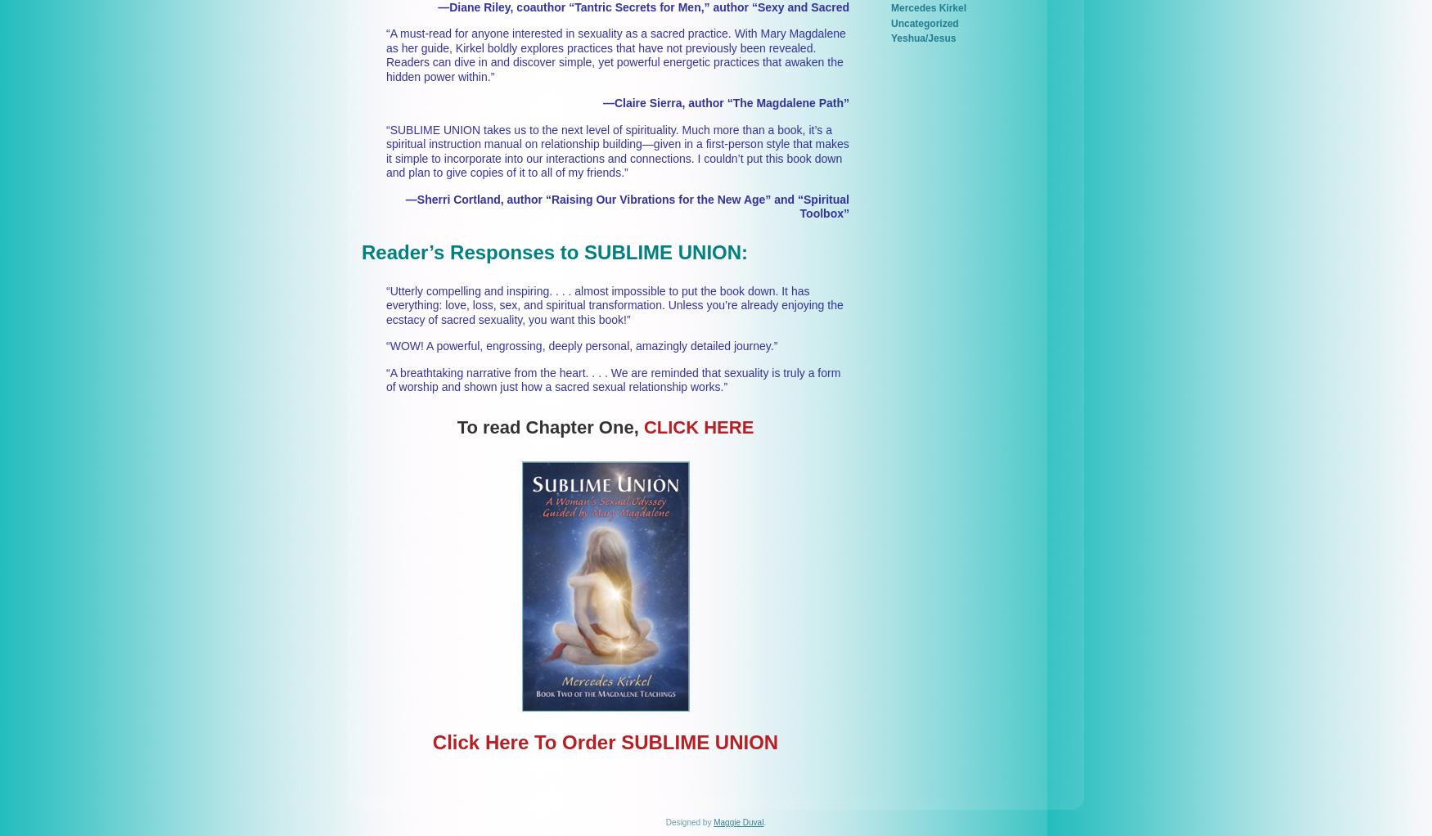 This screenshot has height=836, width=1432. I want to click on '“SUBLIME UNION takes us to the next level of spirituality. Much more than a book, it’s a spiritual instruction manual on relationship building—given in a first-person style that makes it simple to incorporate into our interactions and connections. I couldn’t put this book down and plan to give copies of it to all of my friends.”', so click(616, 151).